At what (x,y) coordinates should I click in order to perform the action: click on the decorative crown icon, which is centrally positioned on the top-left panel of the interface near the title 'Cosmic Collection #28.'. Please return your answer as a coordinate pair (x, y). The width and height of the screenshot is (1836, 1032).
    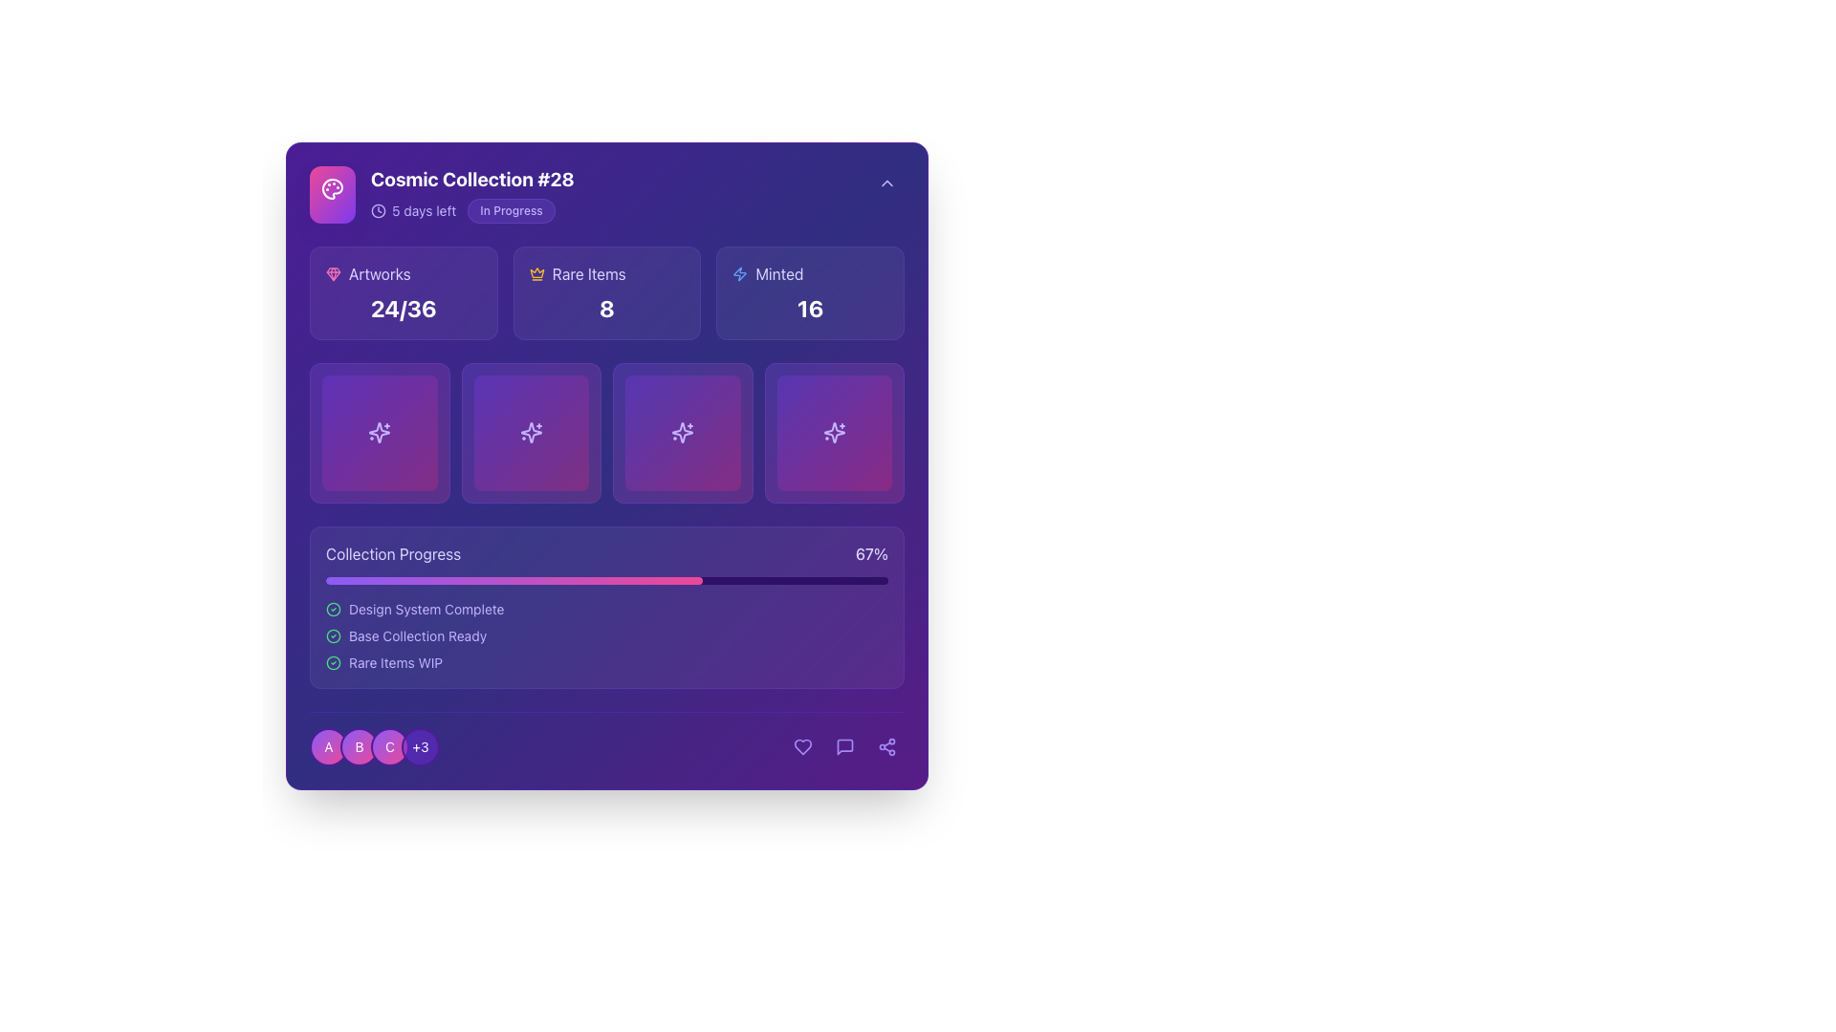
    Looking at the image, I should click on (535, 272).